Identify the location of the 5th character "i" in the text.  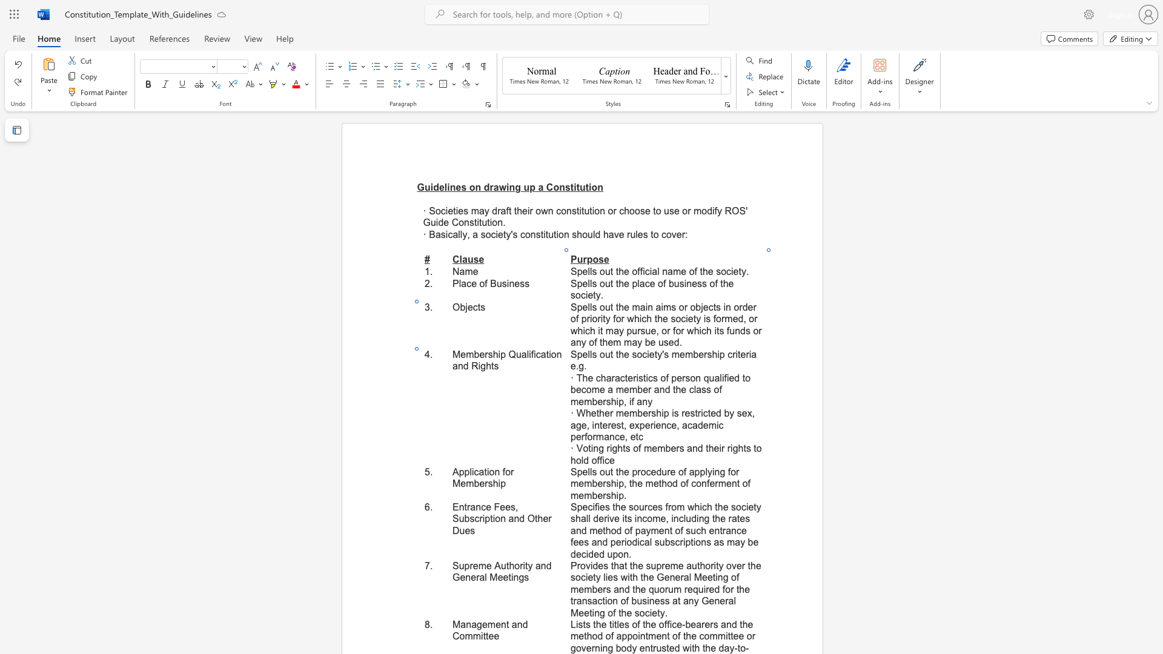
(479, 365).